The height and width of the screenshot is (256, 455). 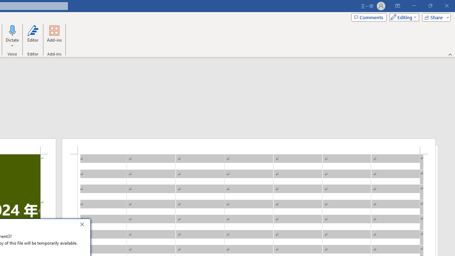 I want to click on 'Minimize', so click(x=414, y=6).